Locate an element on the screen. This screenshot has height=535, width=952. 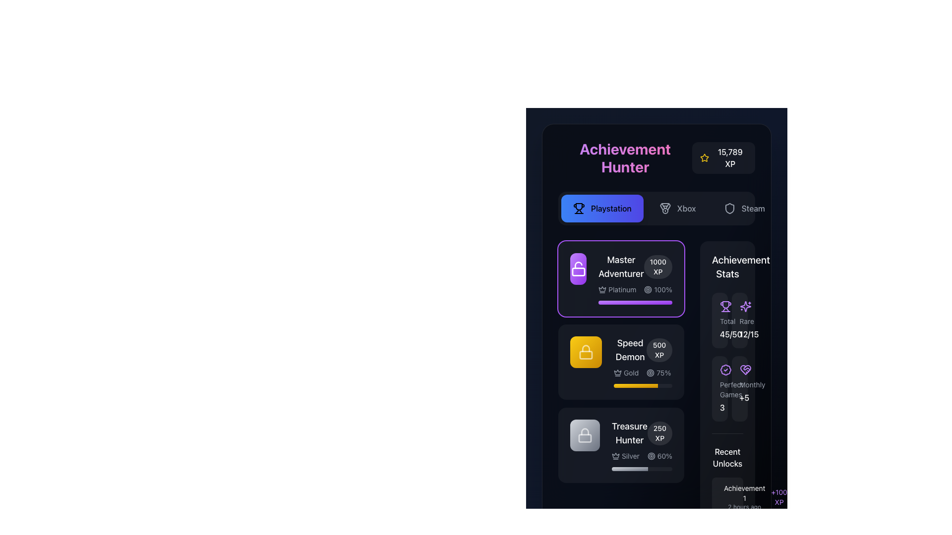
the progress percentage icon indicating 60% for the 'Treasure Hunter' achievement, located in the bottom-right corner of the achievement card, adjacent to the text 'Silver' is located at coordinates (659, 456).